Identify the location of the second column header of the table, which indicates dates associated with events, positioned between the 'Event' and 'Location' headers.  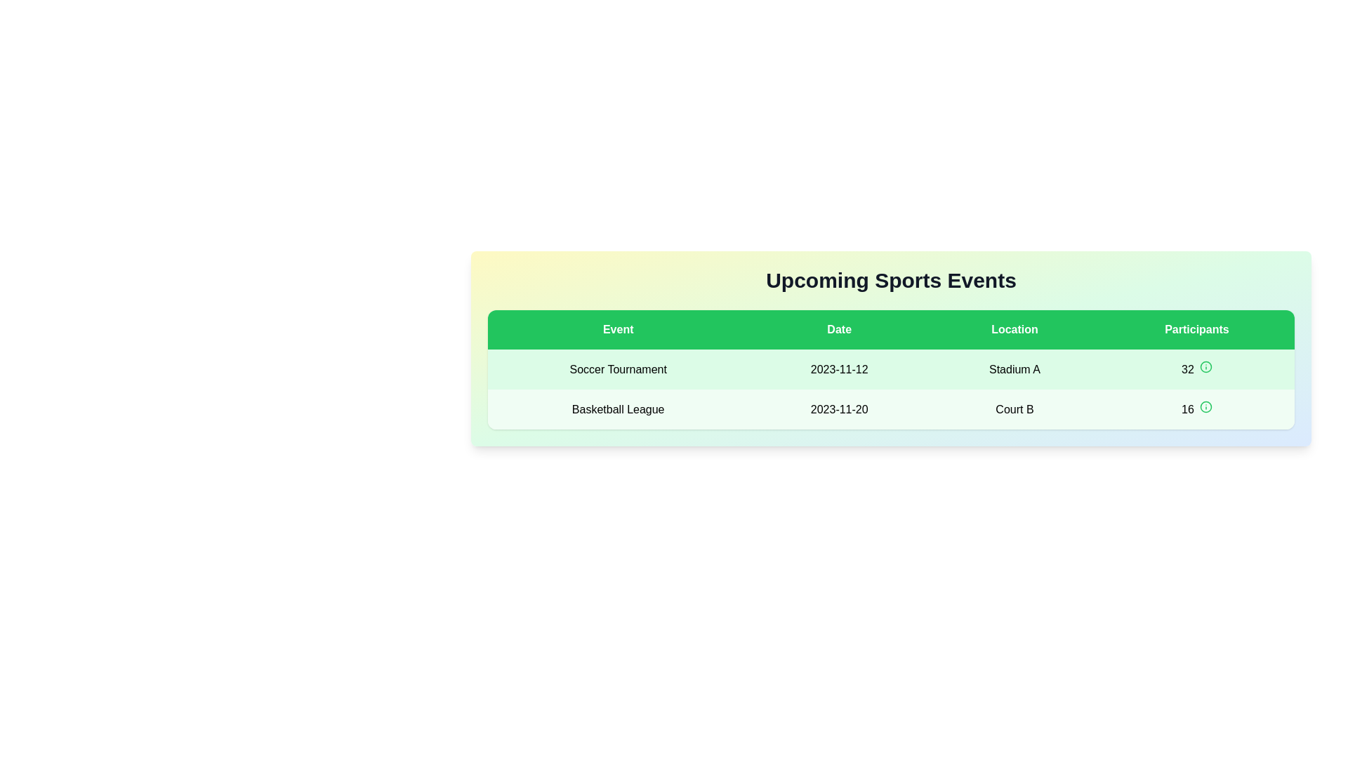
(839, 330).